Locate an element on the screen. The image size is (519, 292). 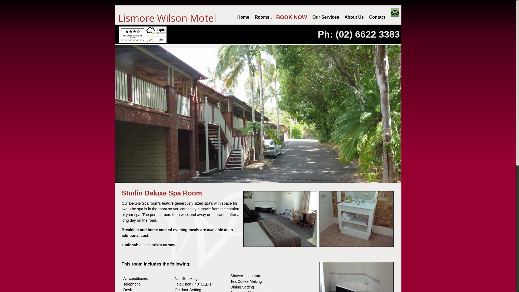
'Home' is located at coordinates (243, 17).